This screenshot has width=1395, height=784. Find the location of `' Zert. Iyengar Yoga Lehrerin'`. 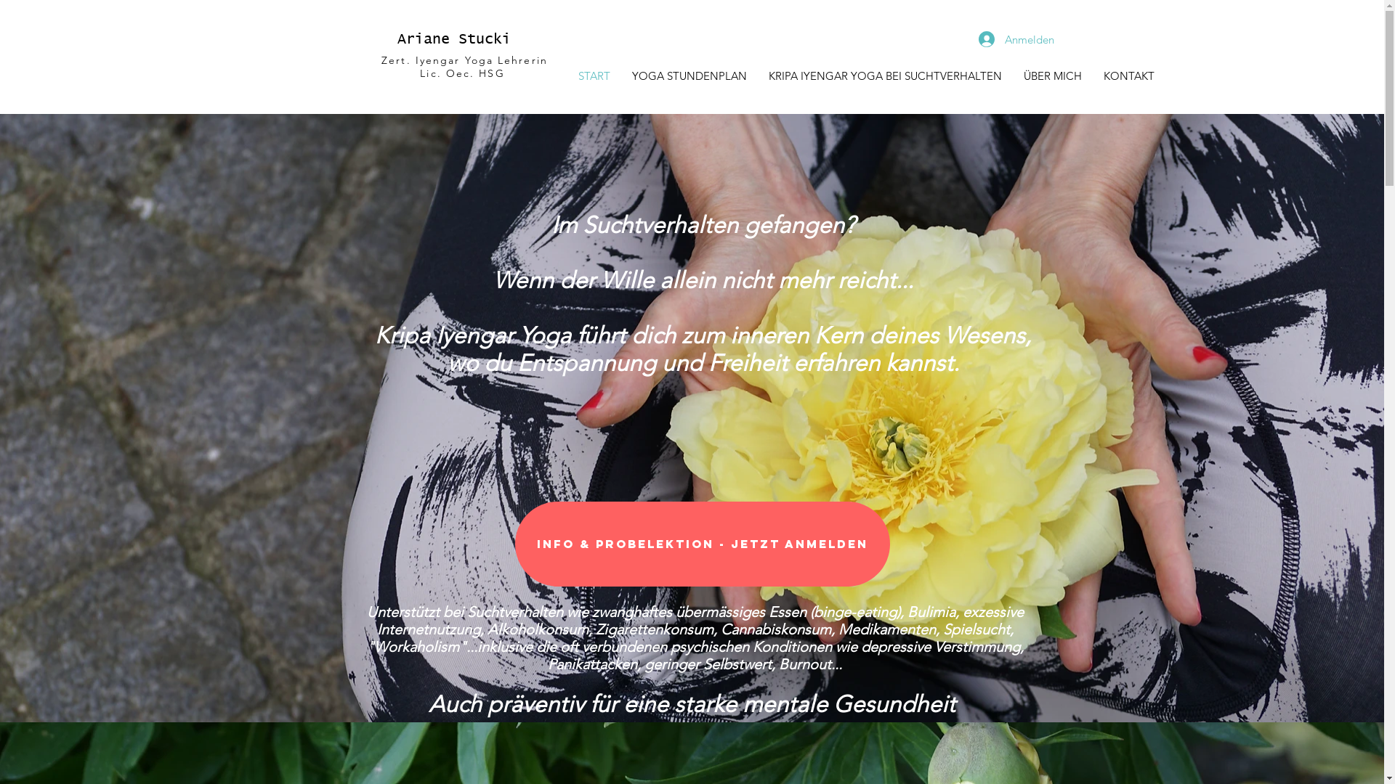

' Zert. Iyengar Yoga Lehrerin' is located at coordinates (461, 60).